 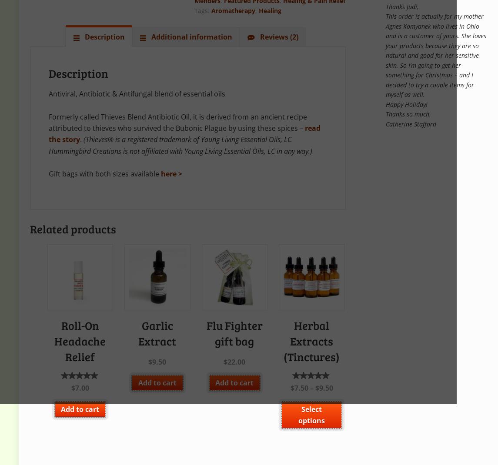 What do you see at coordinates (184, 134) in the screenshot?
I see `'read the story'` at bounding box center [184, 134].